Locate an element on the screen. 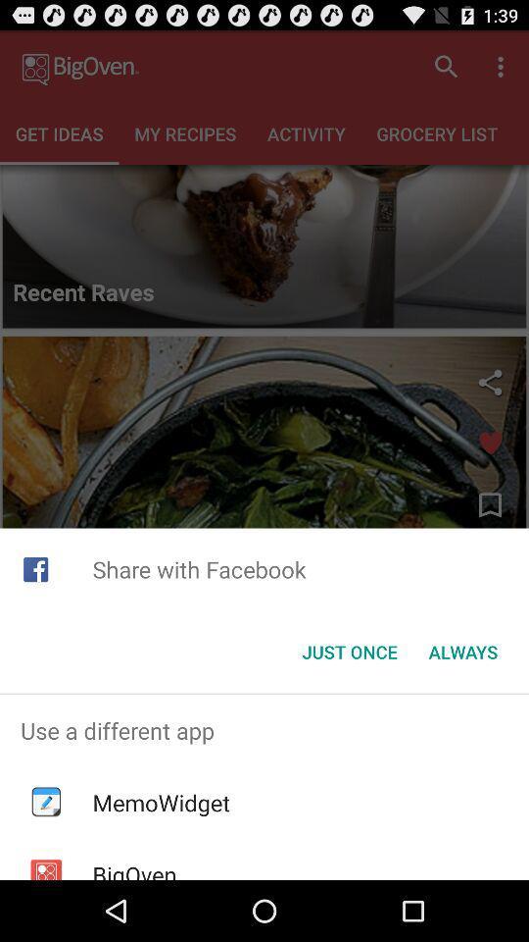  app below share with facebook icon is located at coordinates (462, 652).